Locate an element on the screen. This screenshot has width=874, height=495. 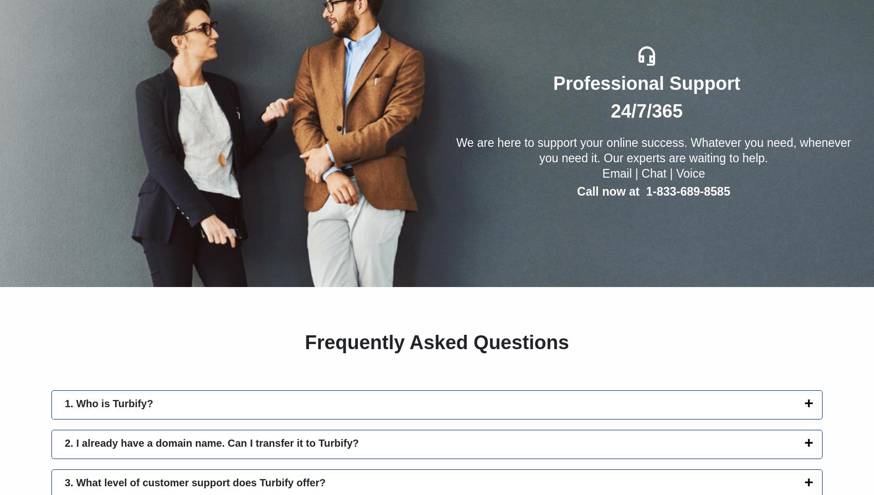
'24/7/365' is located at coordinates (646, 111).